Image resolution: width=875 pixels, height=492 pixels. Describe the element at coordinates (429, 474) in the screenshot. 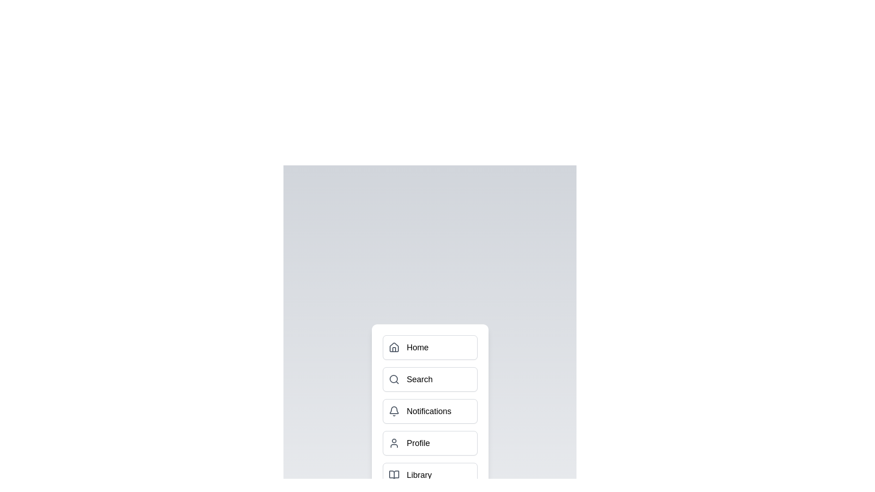

I see `the menu item Library` at that location.